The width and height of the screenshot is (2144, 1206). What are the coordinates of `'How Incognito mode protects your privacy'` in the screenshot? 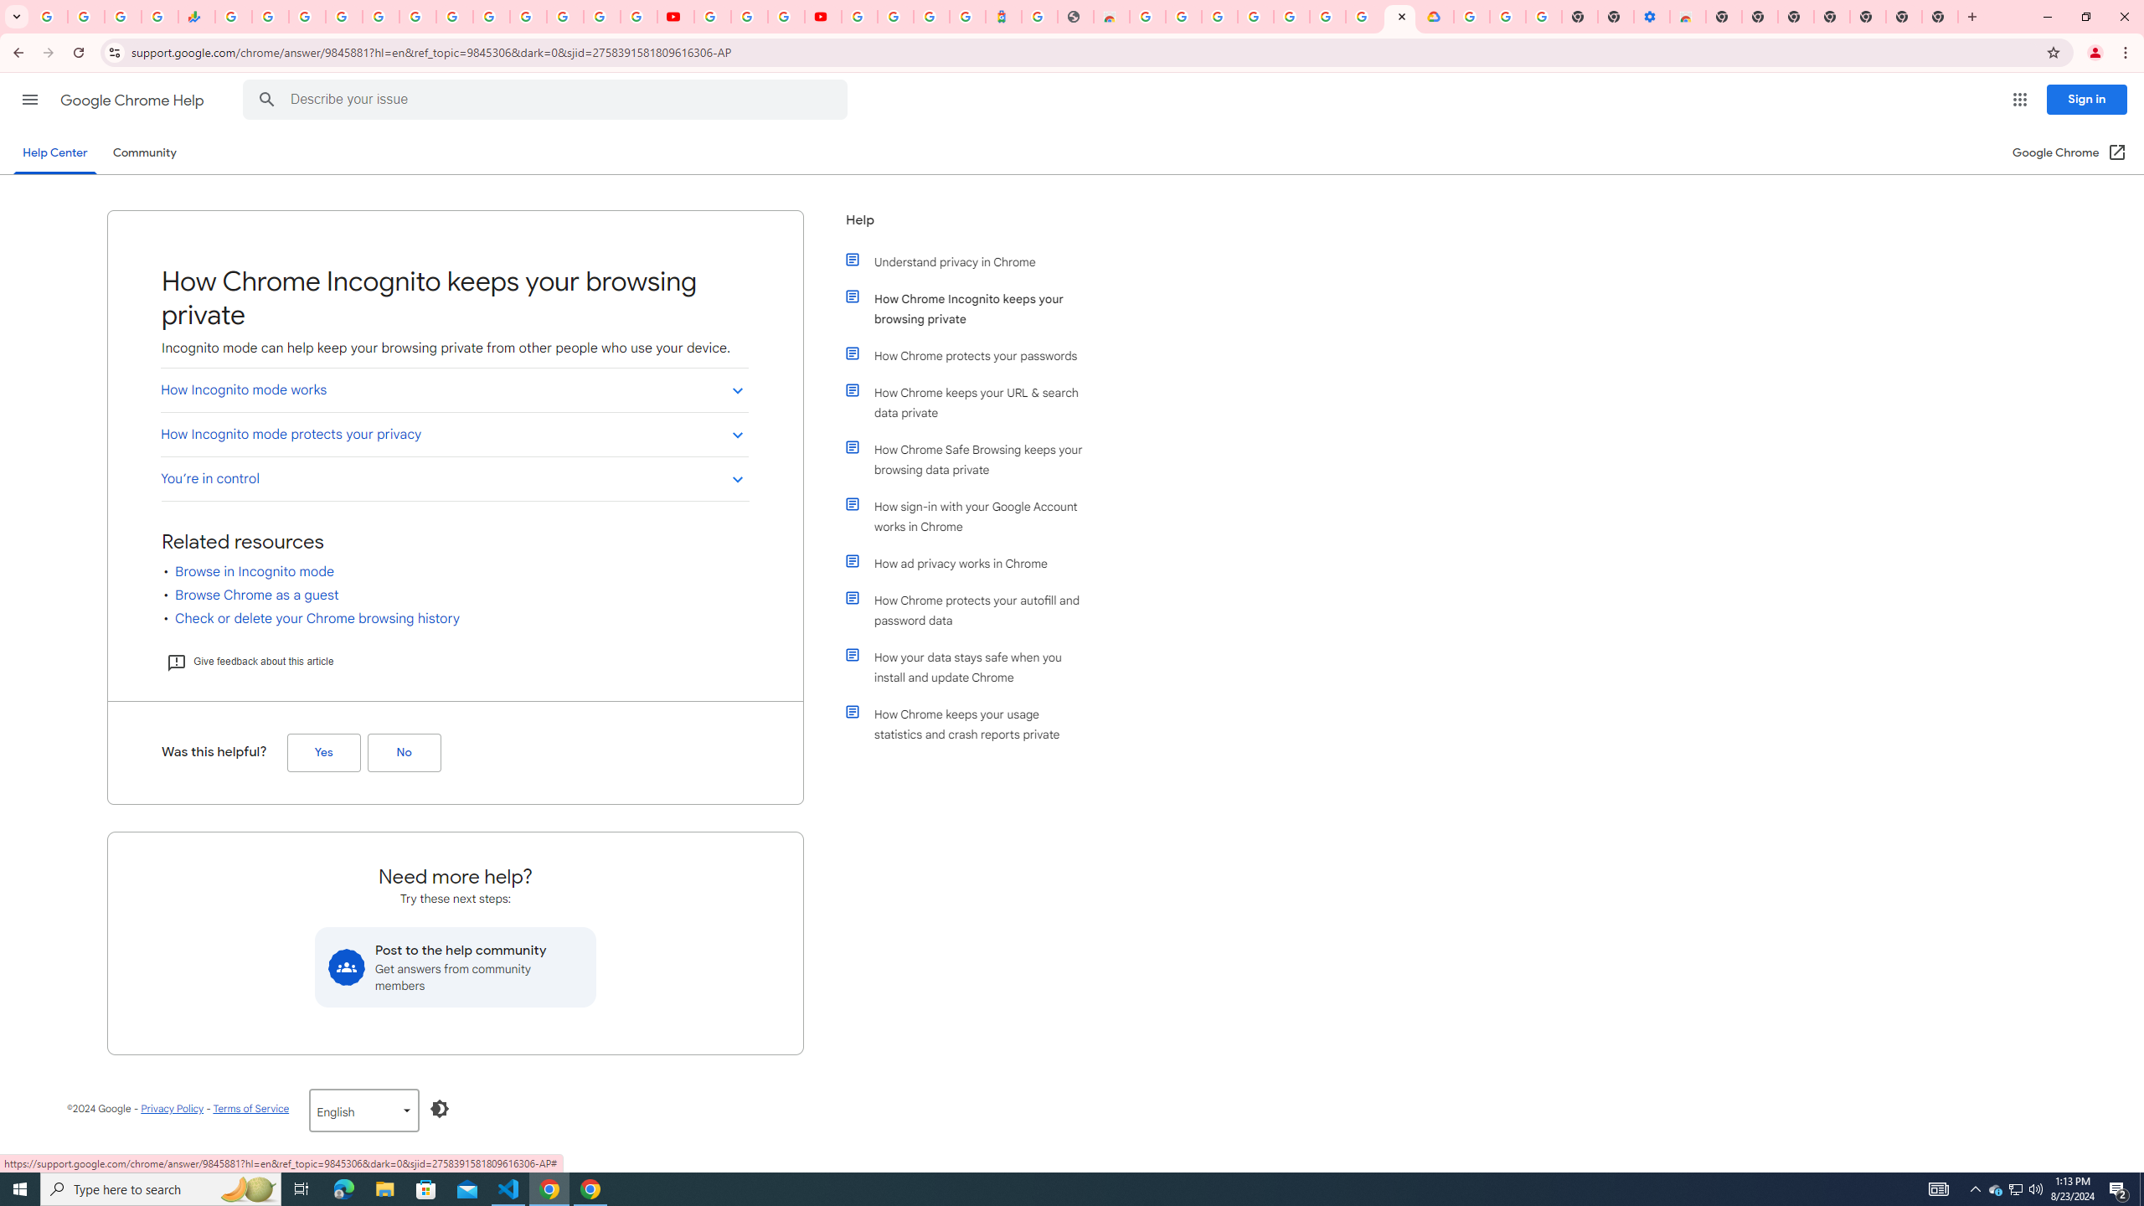 It's located at (454, 433).